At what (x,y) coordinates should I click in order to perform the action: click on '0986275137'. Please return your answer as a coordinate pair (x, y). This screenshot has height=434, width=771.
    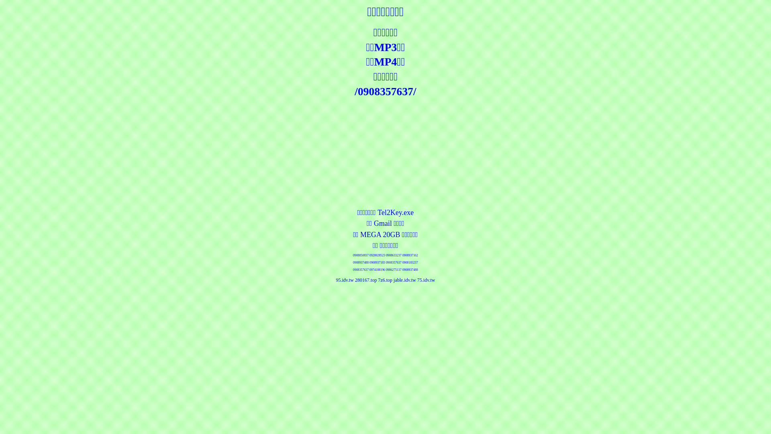
    Looking at the image, I should click on (394, 270).